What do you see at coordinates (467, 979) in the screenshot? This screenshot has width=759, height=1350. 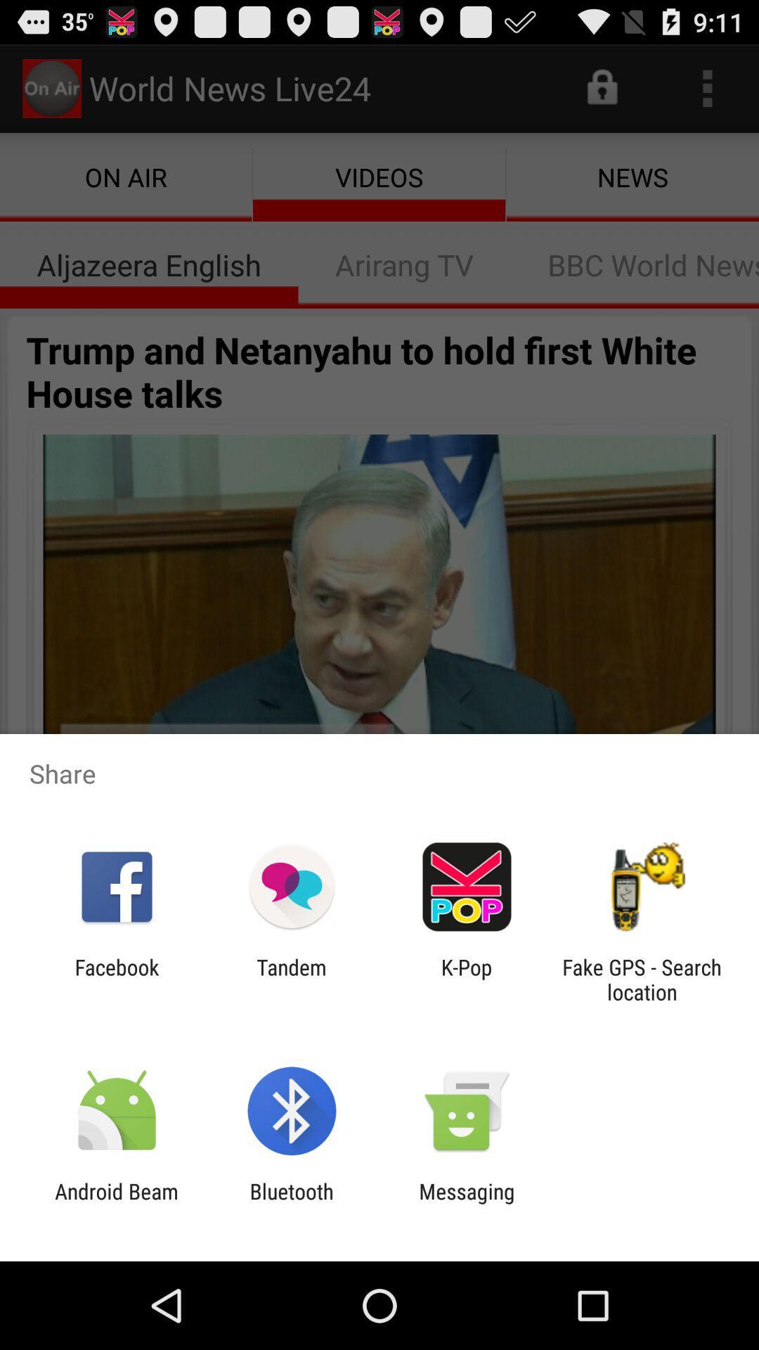 I see `the item to the right of the tandem app` at bounding box center [467, 979].